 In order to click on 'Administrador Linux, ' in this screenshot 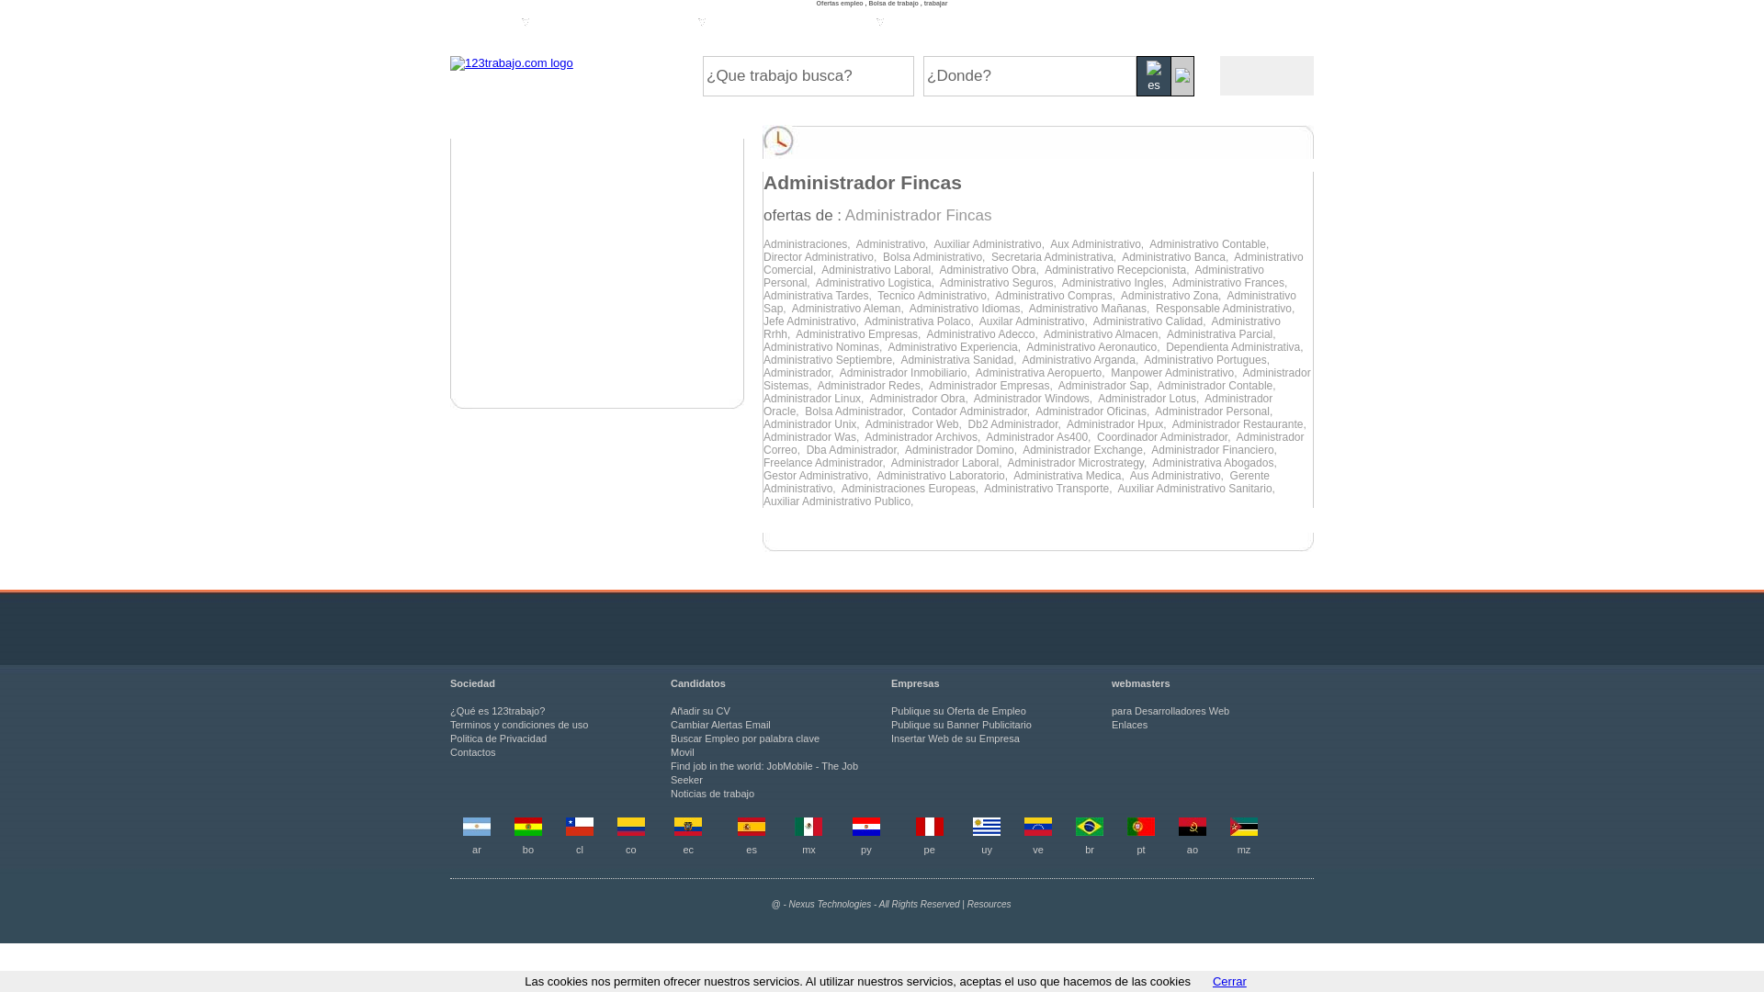, I will do `click(763, 398)`.